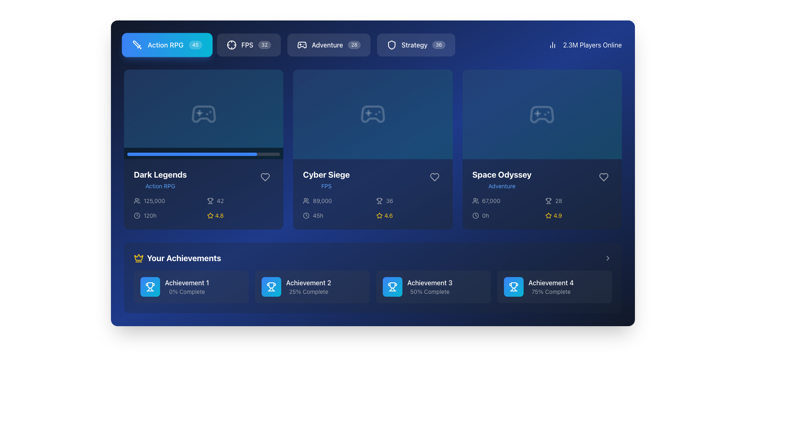 The image size is (786, 442). I want to click on the static text displaying the count of trophies for the 'Space Odyssey' game, located in the lower-right area of the card next to the trophy icon, so click(558, 201).